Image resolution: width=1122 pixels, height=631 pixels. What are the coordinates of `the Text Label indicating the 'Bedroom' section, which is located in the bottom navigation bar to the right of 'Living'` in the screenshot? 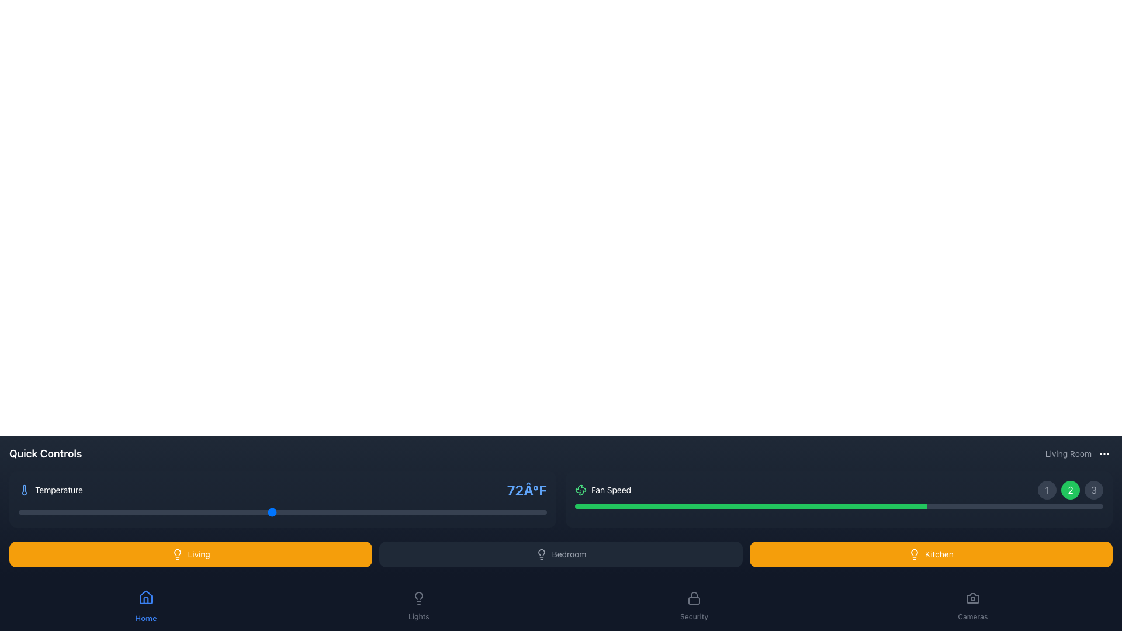 It's located at (569, 553).